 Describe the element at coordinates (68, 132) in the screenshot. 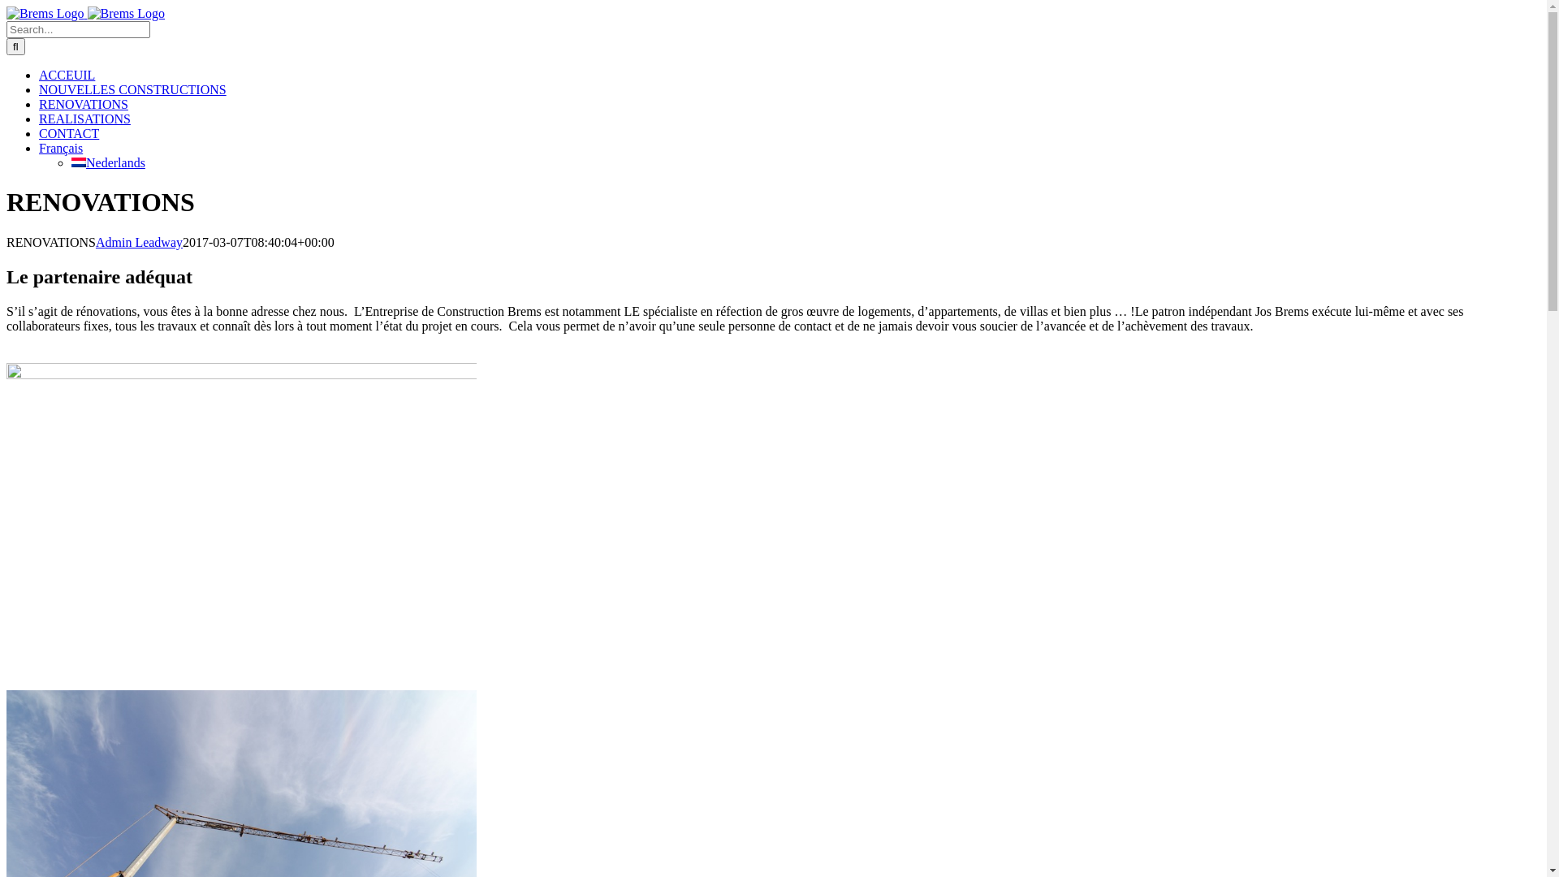

I see `'CONTACT'` at that location.